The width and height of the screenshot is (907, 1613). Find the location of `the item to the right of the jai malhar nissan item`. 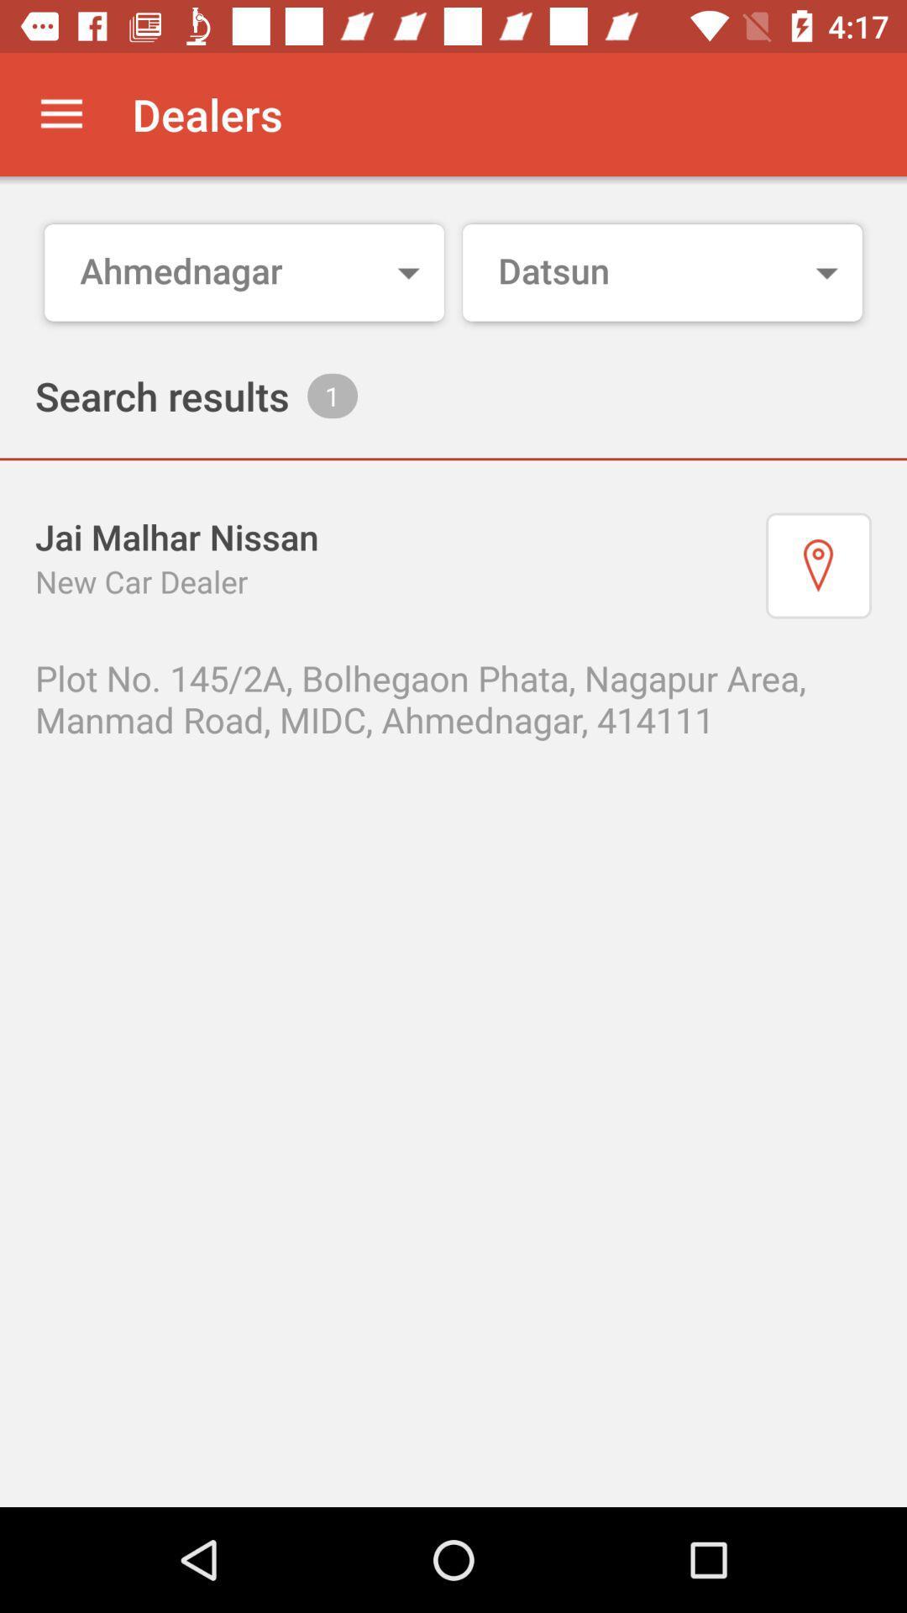

the item to the right of the jai malhar nissan item is located at coordinates (818, 565).